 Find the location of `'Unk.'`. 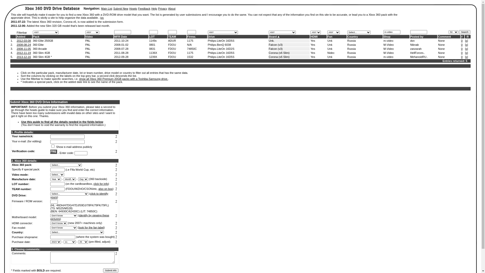

'Unk.' is located at coordinates (271, 40).